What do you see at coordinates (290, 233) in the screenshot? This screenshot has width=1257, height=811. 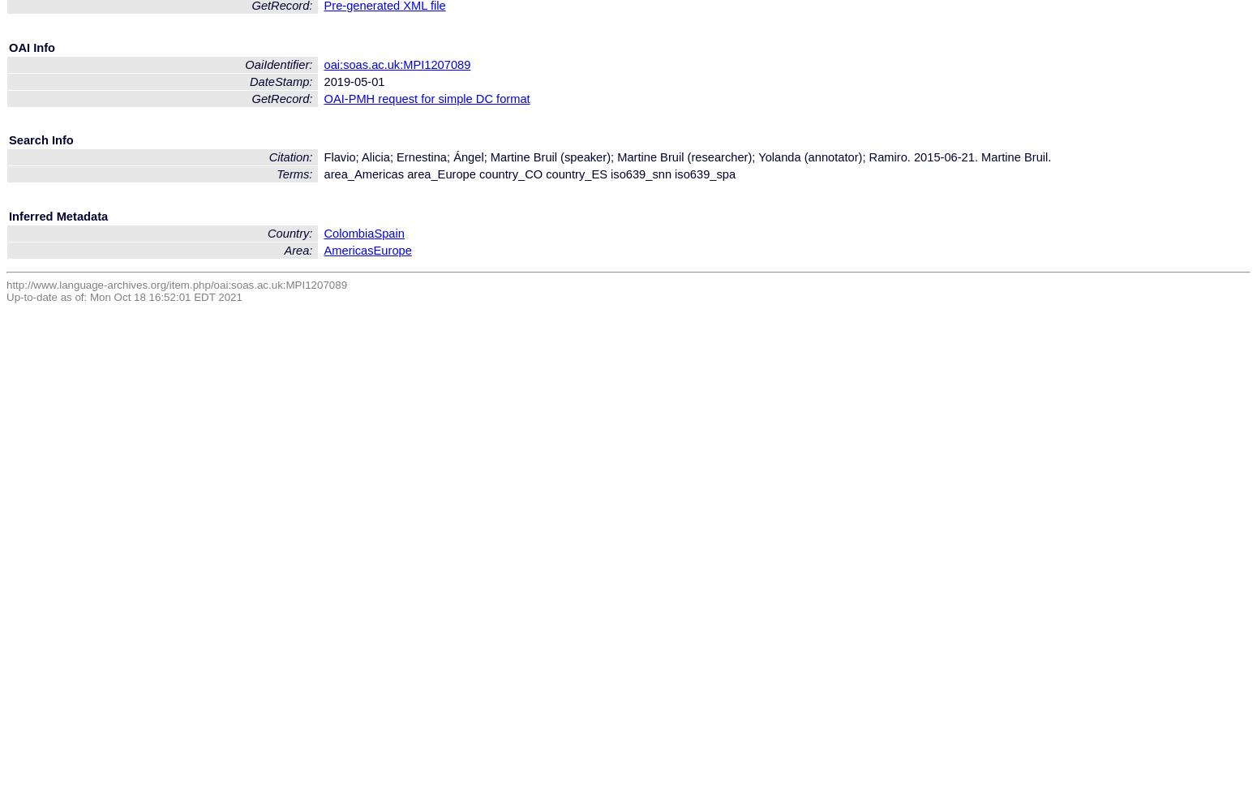 I see `'Country:'` at bounding box center [290, 233].